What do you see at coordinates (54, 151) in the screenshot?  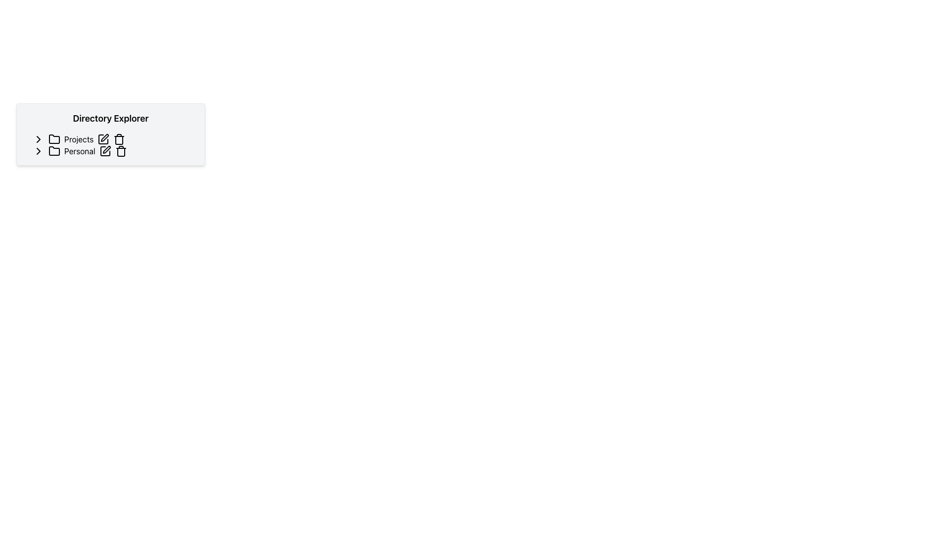 I see `the folder icon that is located immediately before the text 'Personal' in the row of elements` at bounding box center [54, 151].